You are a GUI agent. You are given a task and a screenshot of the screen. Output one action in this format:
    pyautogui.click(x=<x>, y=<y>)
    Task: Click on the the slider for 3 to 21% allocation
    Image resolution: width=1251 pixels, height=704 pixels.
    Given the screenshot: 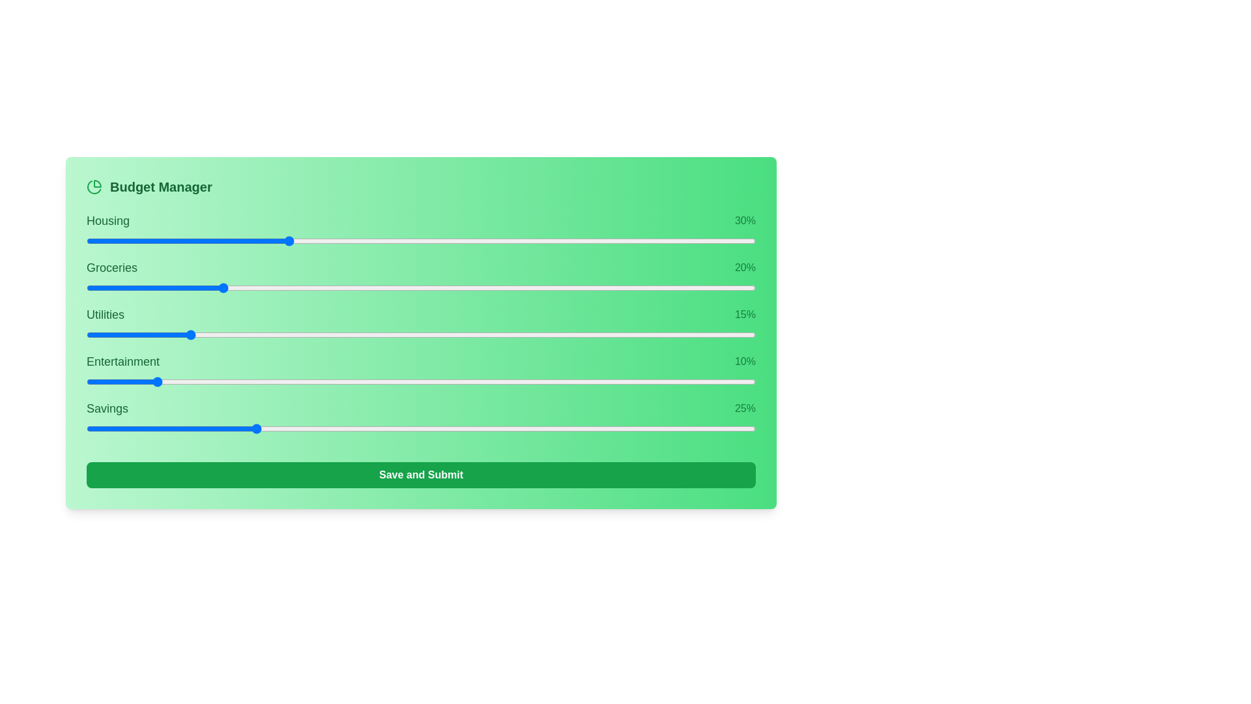 What is the action you would take?
    pyautogui.click(x=491, y=381)
    